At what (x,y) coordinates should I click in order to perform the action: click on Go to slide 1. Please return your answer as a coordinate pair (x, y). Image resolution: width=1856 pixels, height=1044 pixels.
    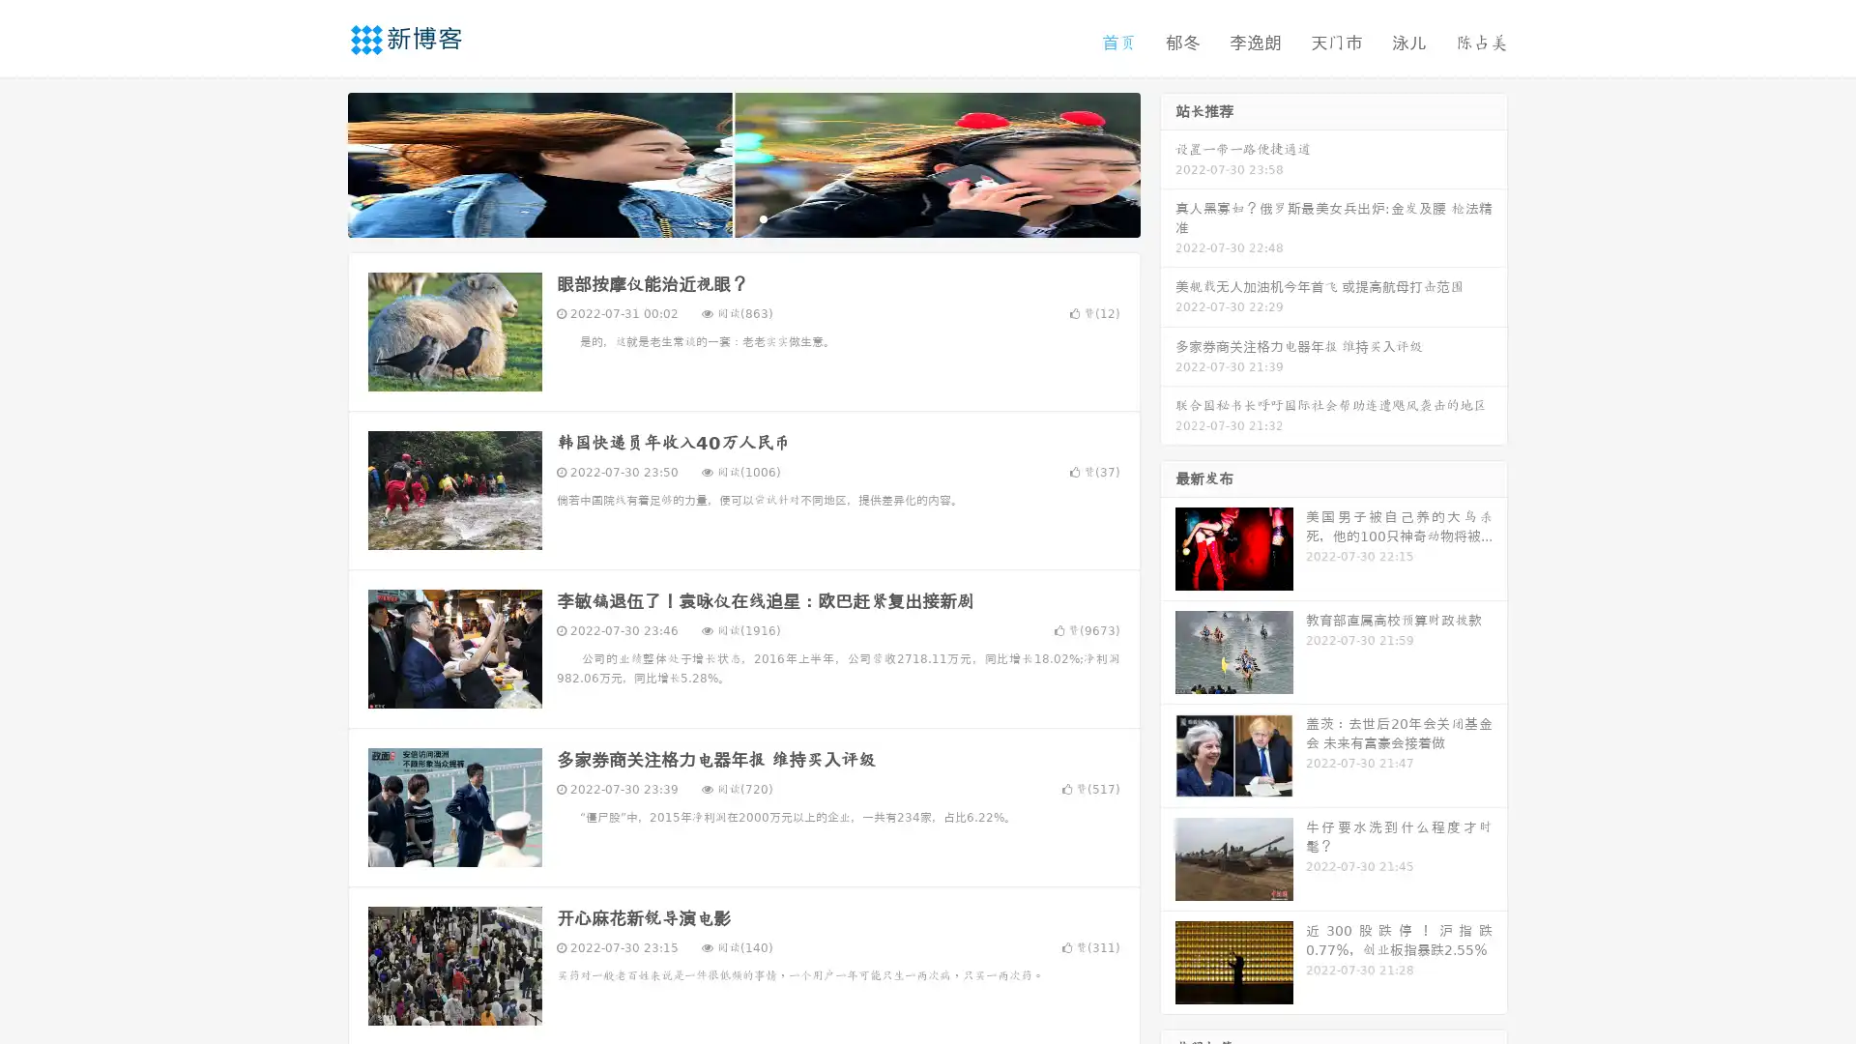
    Looking at the image, I should click on (723, 217).